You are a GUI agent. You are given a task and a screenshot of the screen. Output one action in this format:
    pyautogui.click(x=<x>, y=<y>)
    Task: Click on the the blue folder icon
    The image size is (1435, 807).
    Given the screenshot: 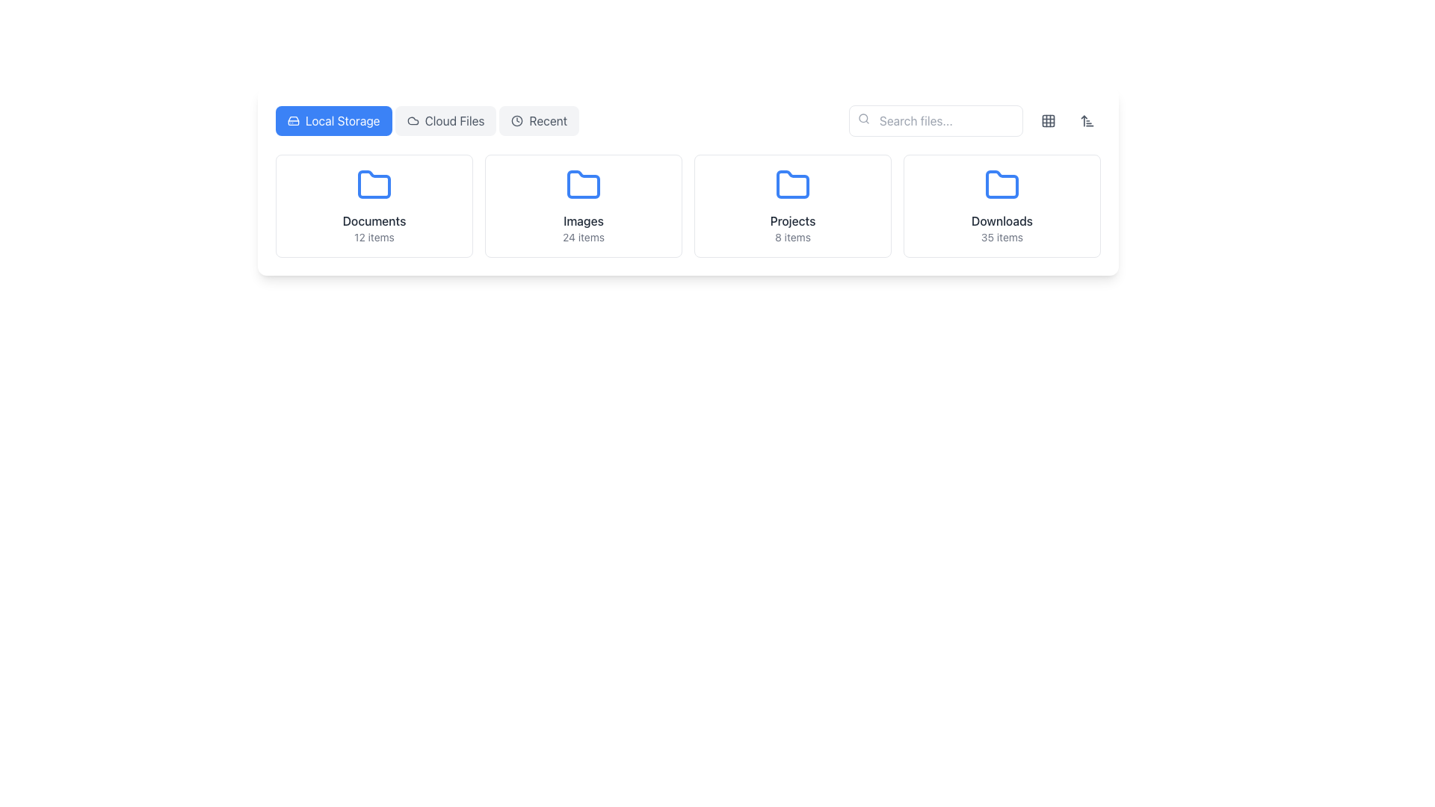 What is the action you would take?
    pyautogui.click(x=1002, y=184)
    